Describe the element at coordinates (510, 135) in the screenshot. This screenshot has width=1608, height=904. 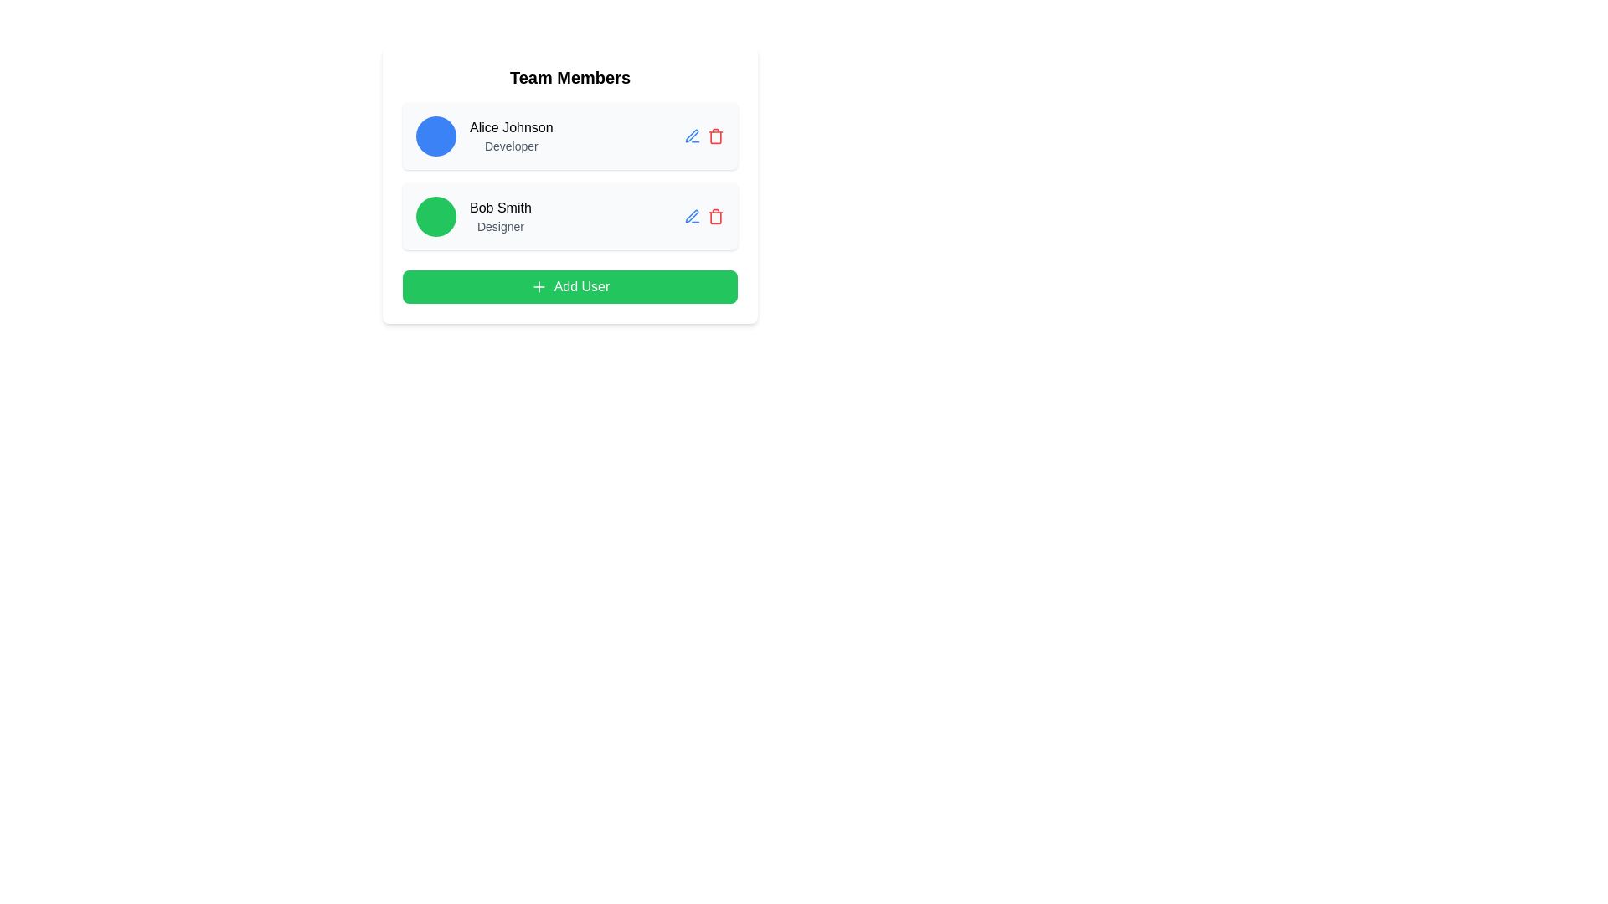
I see `the Text Label displaying 'Alice Johnson' which is styled as bold and positioned above the title 'Developer' within the user information card under the 'Team Members' section` at that location.